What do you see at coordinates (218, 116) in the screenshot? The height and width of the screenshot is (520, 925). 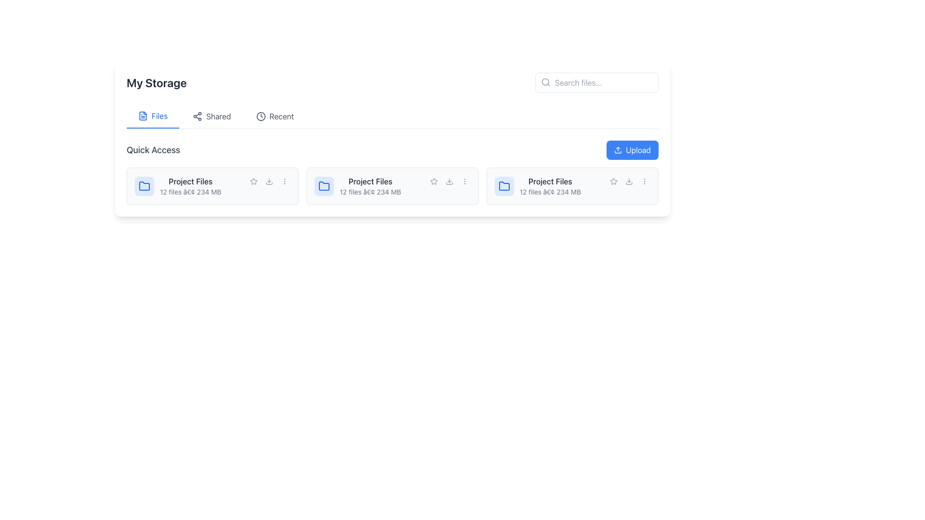 I see `the 'Shared' text label, which is the second element in the horizontal navigation bar located near the top-center of the interface` at bounding box center [218, 116].